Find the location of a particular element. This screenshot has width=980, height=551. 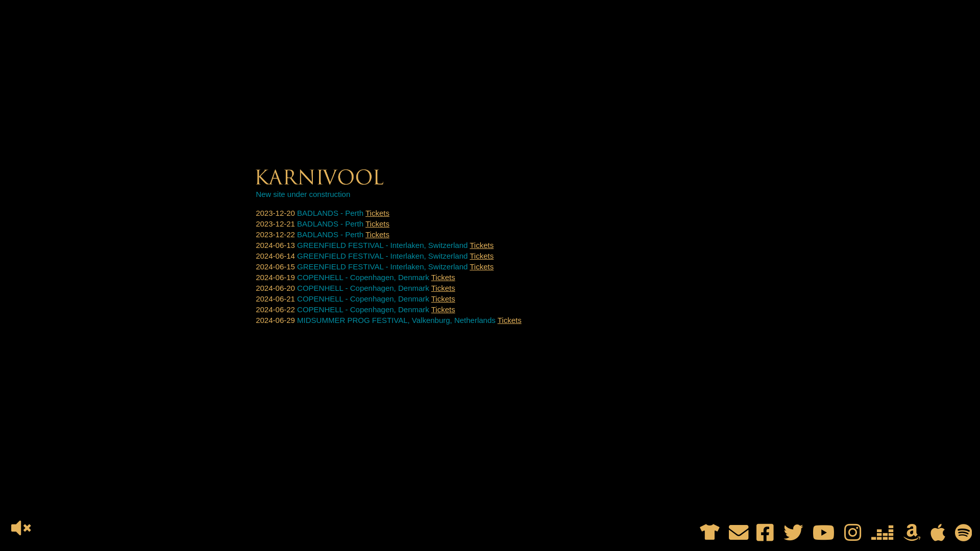

'Tickets' is located at coordinates (481, 266).